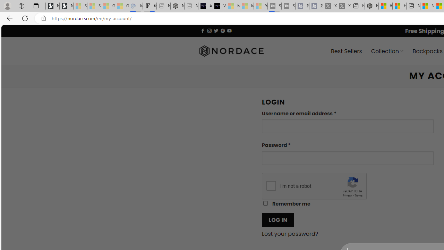 The width and height of the screenshot is (444, 250). I want to click on 'Newsletter Sign Up', so click(66, 6).